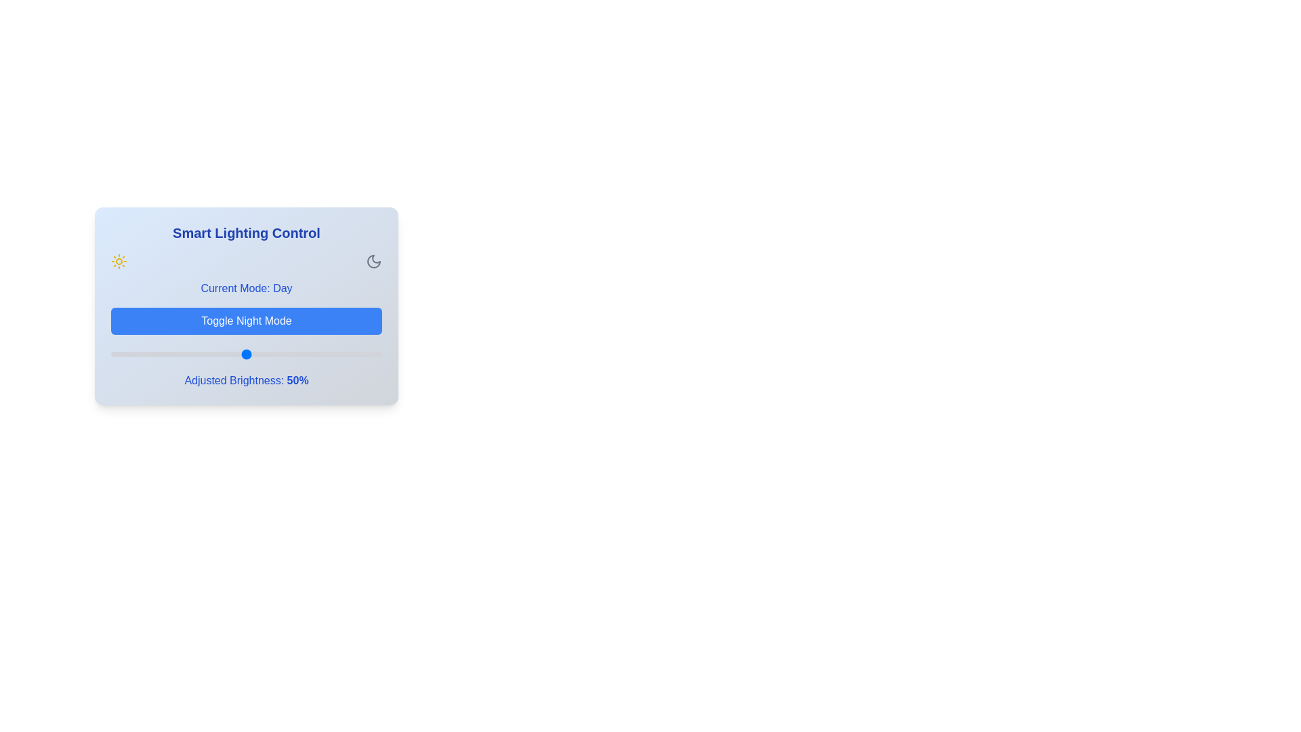 The width and height of the screenshot is (1301, 732). Describe the element at coordinates (374, 261) in the screenshot. I see `the night mode indicator icon located to the left of the 'Smart Lighting Control' title, which indicates the current mode of the lighting system` at that location.